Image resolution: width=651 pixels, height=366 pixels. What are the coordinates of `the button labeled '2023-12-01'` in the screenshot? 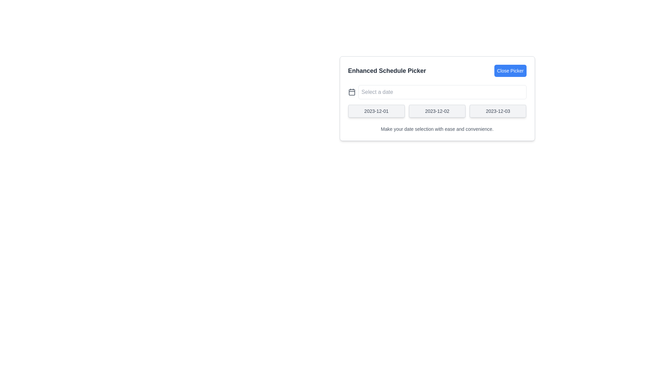 It's located at (376, 110).